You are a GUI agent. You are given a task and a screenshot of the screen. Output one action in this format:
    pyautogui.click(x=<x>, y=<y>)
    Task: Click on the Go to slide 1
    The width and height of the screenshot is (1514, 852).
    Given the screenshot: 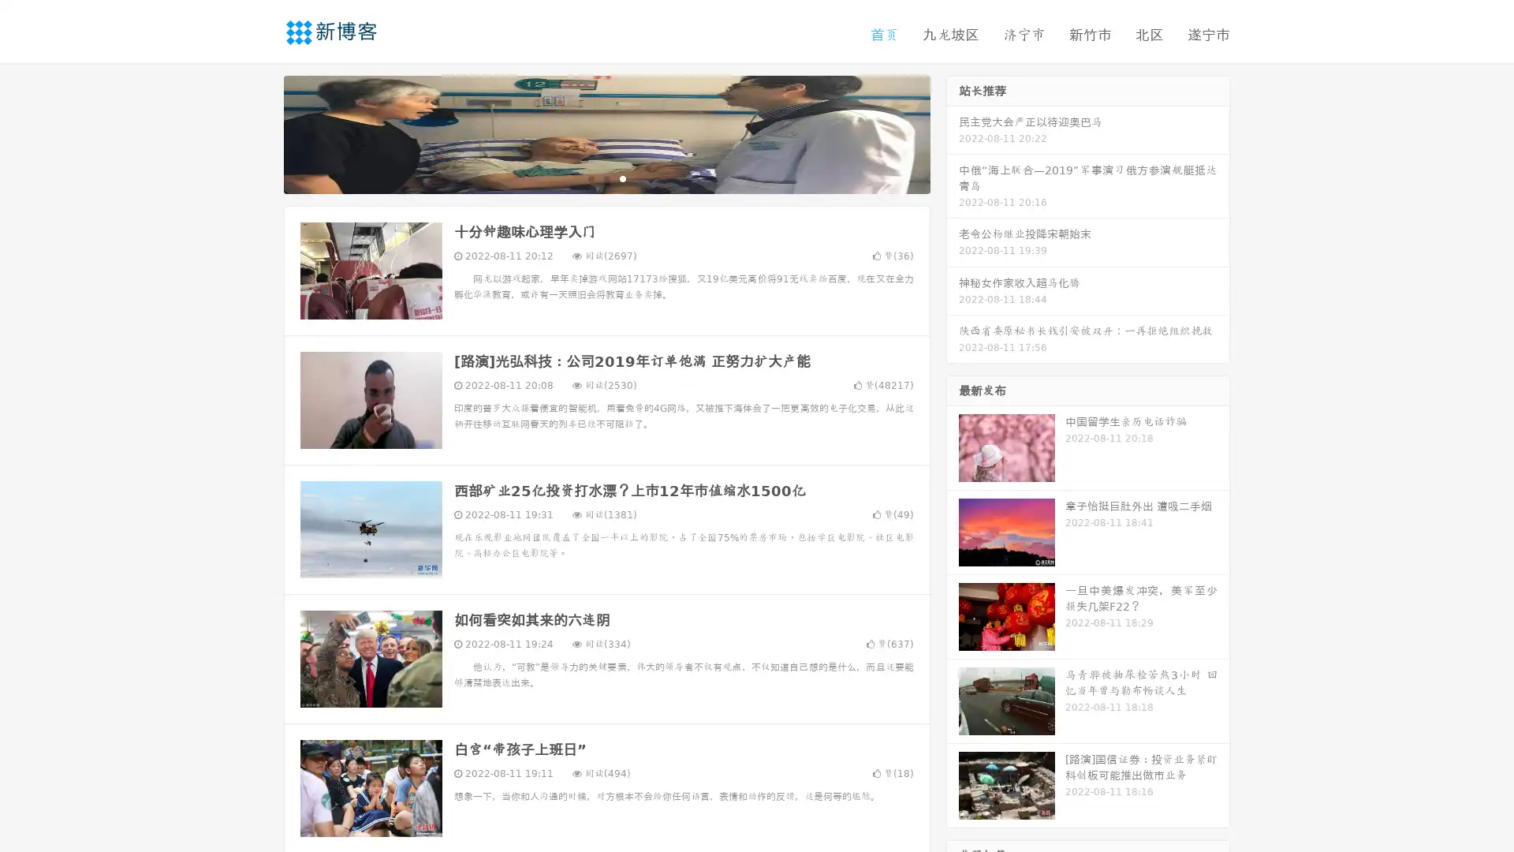 What is the action you would take?
    pyautogui.click(x=590, y=177)
    